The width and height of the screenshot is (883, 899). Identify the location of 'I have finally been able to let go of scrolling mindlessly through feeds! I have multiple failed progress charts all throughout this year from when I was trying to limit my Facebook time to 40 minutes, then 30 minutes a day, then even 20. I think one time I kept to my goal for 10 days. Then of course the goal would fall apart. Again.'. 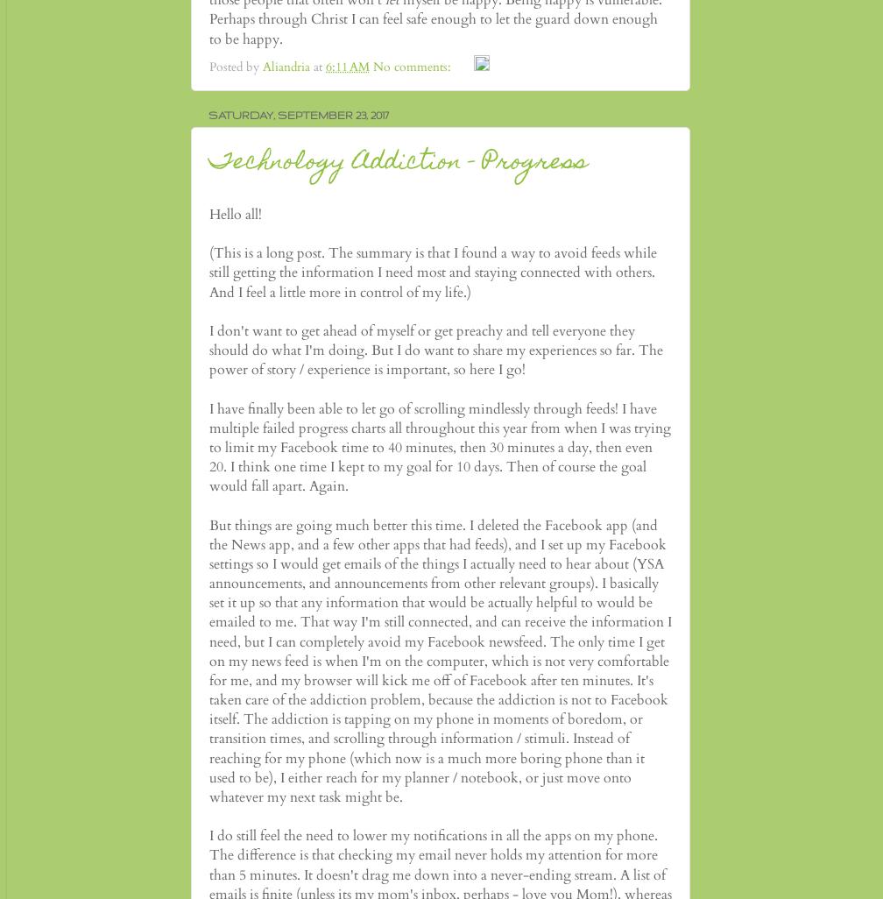
(440, 446).